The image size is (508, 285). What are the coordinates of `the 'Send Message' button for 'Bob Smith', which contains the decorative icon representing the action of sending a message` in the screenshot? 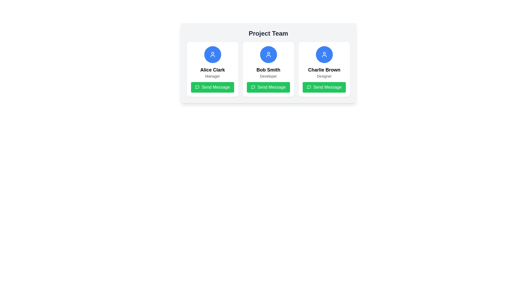 It's located at (253, 87).